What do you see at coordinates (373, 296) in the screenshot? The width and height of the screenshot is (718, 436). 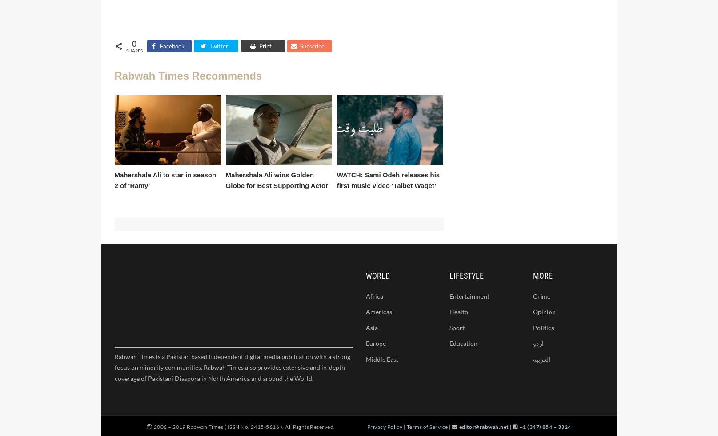 I see `'Africa'` at bounding box center [373, 296].